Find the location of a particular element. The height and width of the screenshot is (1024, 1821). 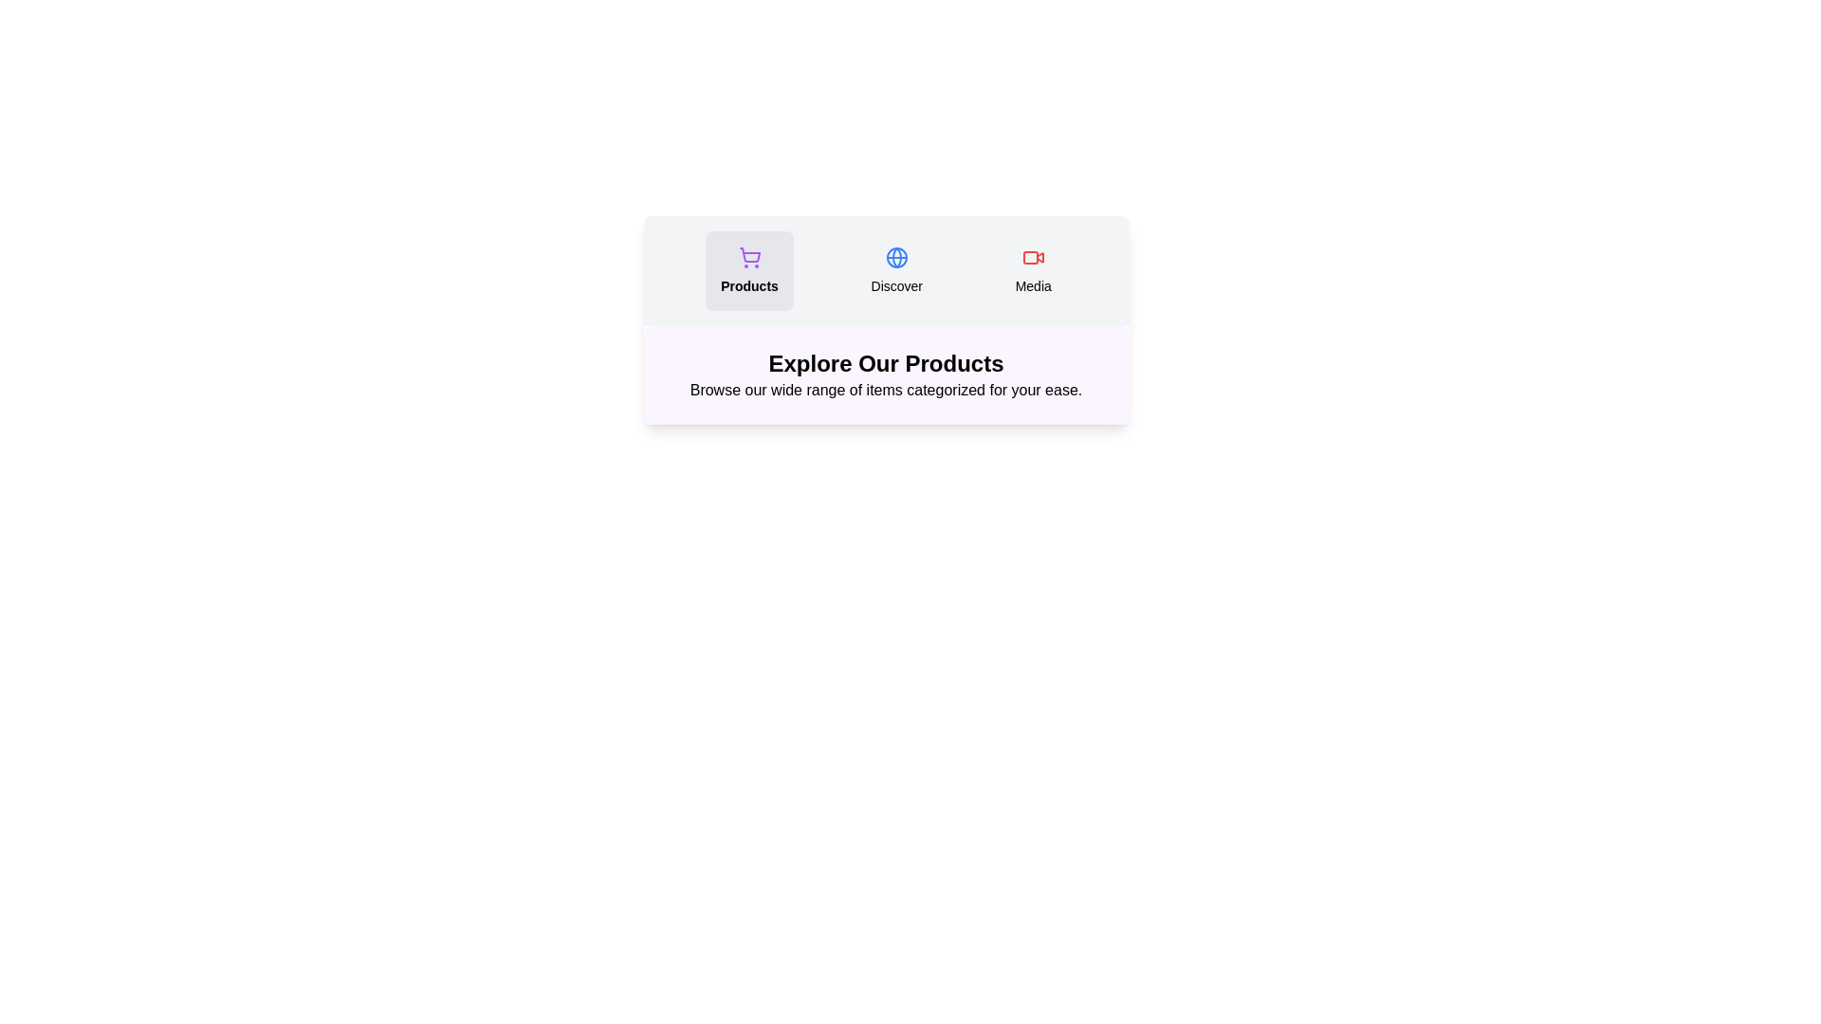

the Products tab by clicking on its button is located at coordinates (748, 270).